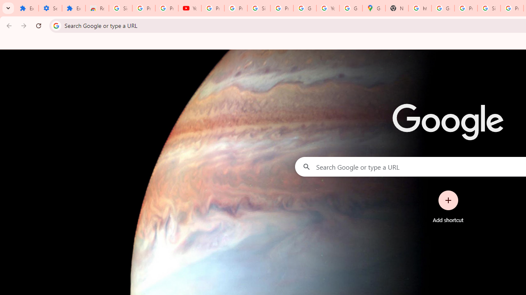 The width and height of the screenshot is (526, 295). What do you see at coordinates (97, 8) in the screenshot?
I see `'Reviews: Helix Fruit Jump Arcade Game'` at bounding box center [97, 8].